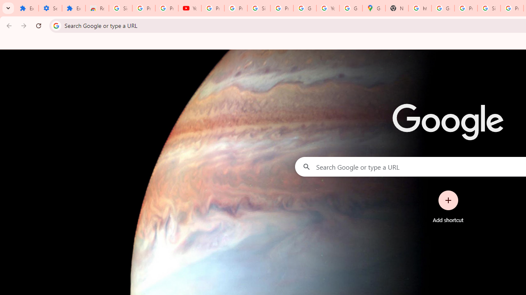 The width and height of the screenshot is (526, 295). What do you see at coordinates (97, 8) in the screenshot?
I see `'Reviews: Helix Fruit Jump Arcade Game'` at bounding box center [97, 8].